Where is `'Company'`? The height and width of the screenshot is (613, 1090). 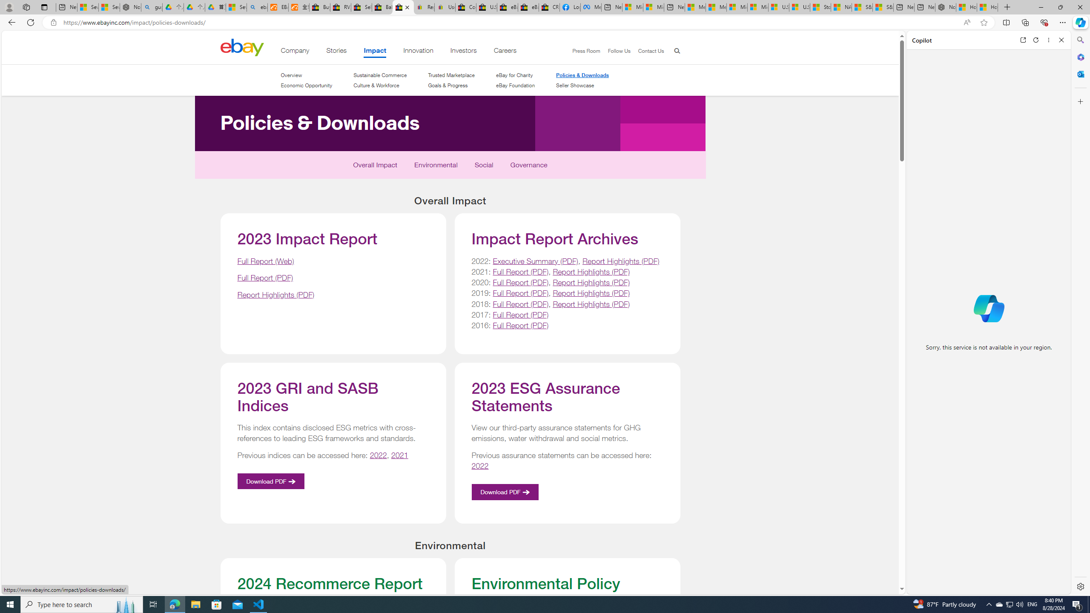
'Company' is located at coordinates (295, 52).